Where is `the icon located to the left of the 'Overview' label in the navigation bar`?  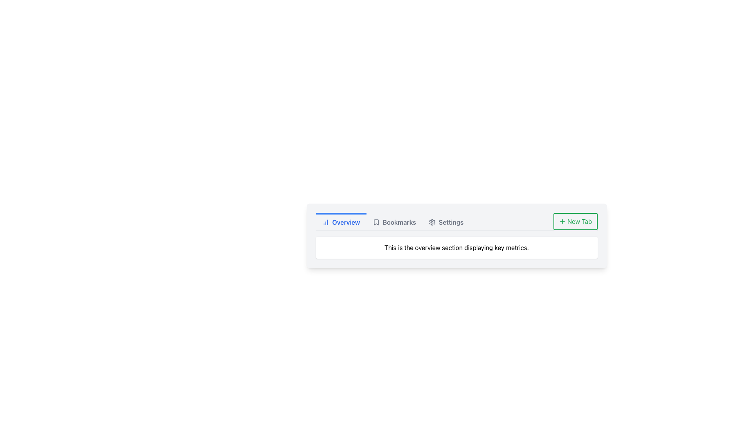
the icon located to the left of the 'Overview' label in the navigation bar is located at coordinates (325, 222).